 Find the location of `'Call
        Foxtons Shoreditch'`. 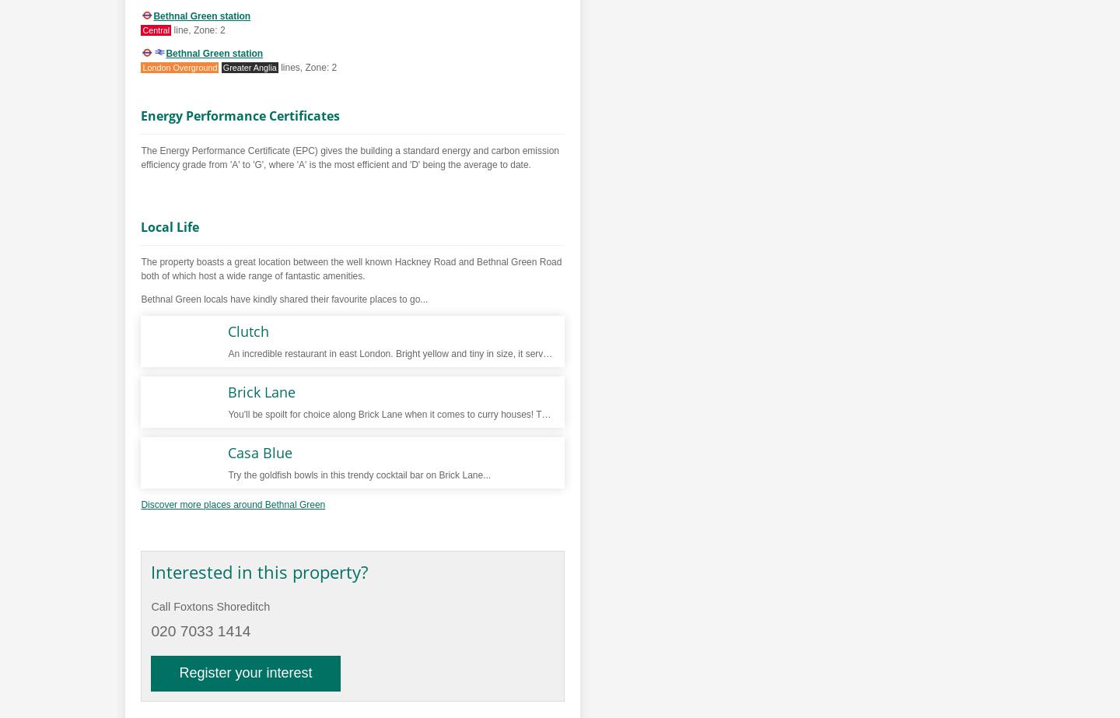

'Call
        Foxtons Shoreditch' is located at coordinates (209, 606).